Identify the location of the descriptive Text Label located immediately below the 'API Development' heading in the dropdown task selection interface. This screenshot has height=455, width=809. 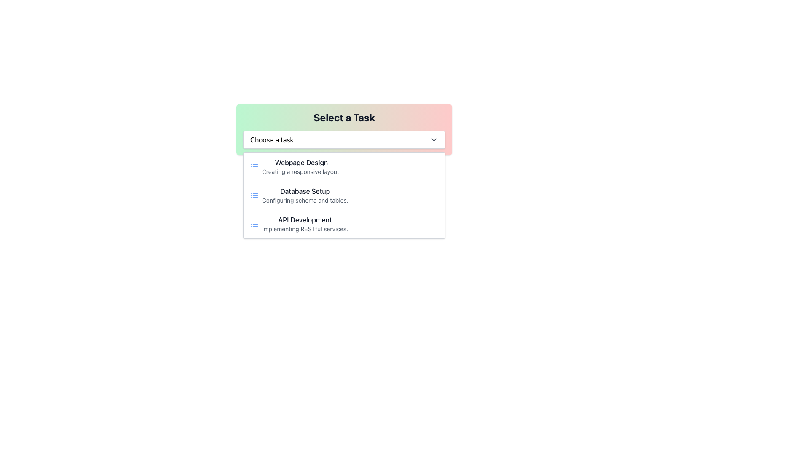
(305, 229).